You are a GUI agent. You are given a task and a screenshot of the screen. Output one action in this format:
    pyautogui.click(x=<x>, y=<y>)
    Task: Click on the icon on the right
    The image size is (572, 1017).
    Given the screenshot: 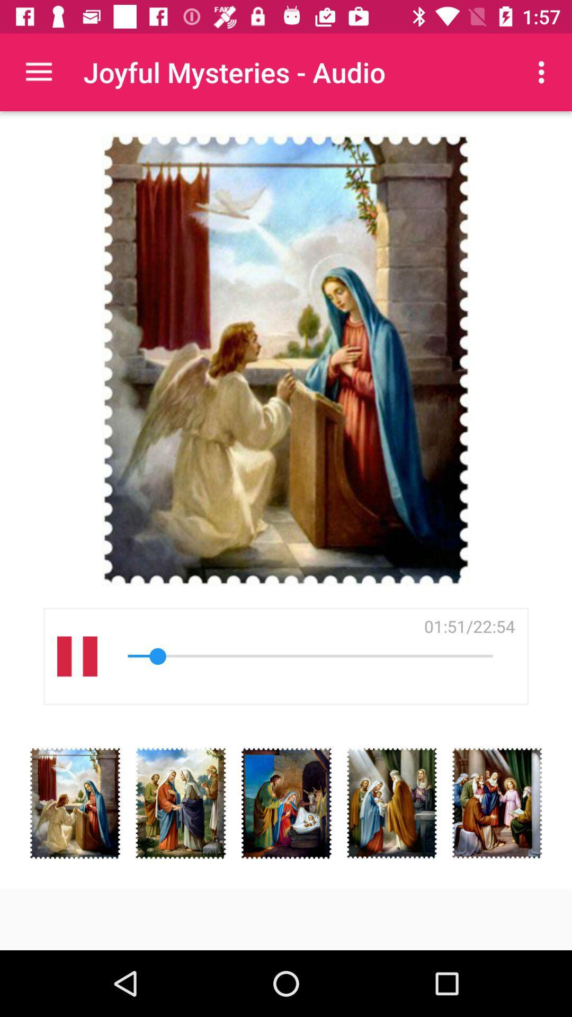 What is the action you would take?
    pyautogui.click(x=469, y=626)
    